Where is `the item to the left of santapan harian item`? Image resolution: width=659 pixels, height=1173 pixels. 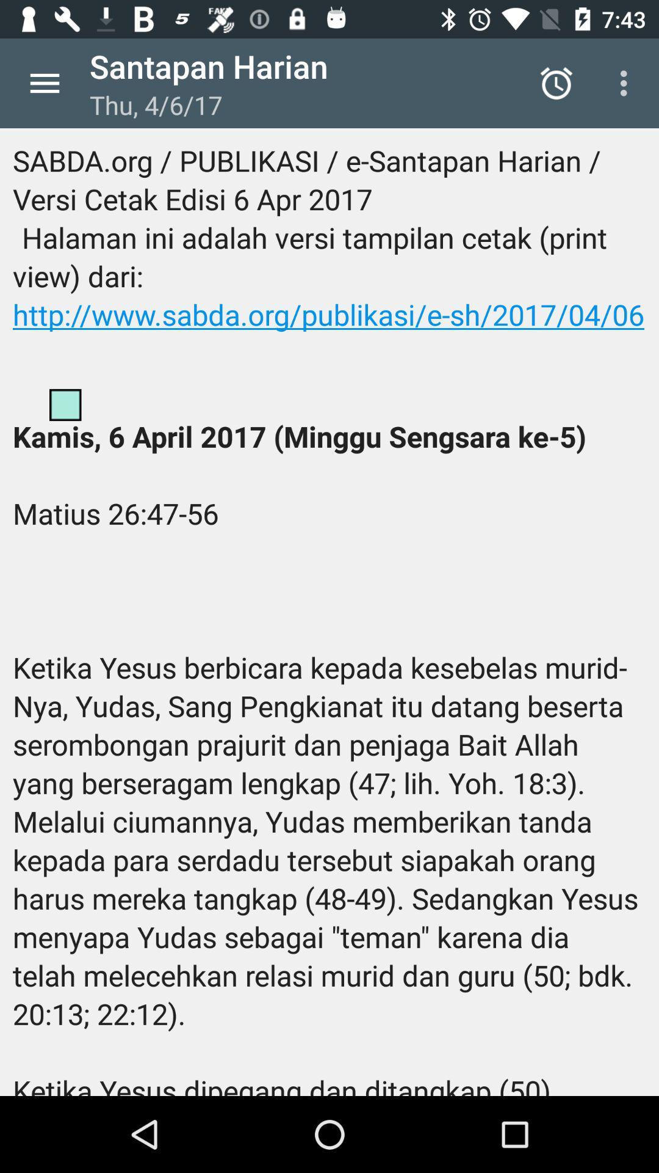 the item to the left of santapan harian item is located at coordinates (44, 82).